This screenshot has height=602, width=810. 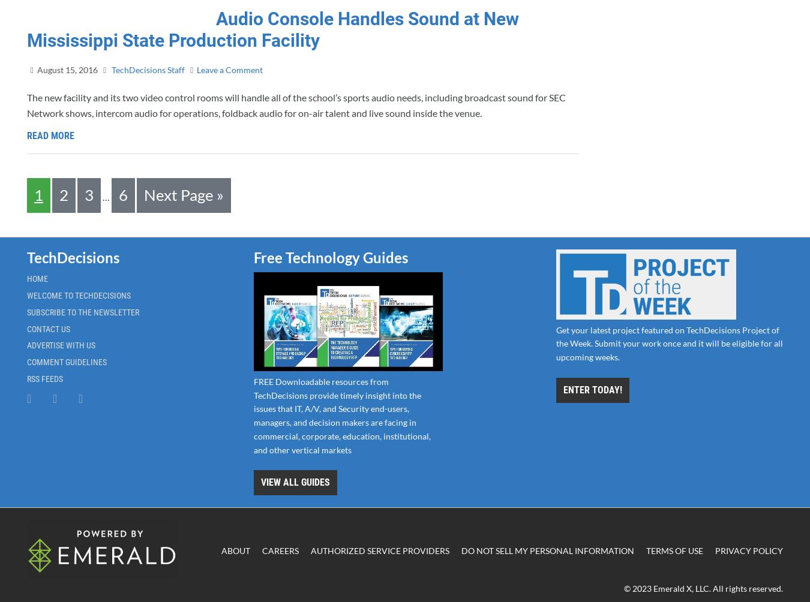 I want to click on '2', so click(x=63, y=194).